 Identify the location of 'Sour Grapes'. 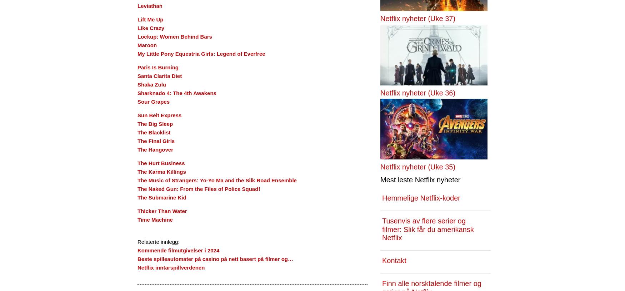
(153, 102).